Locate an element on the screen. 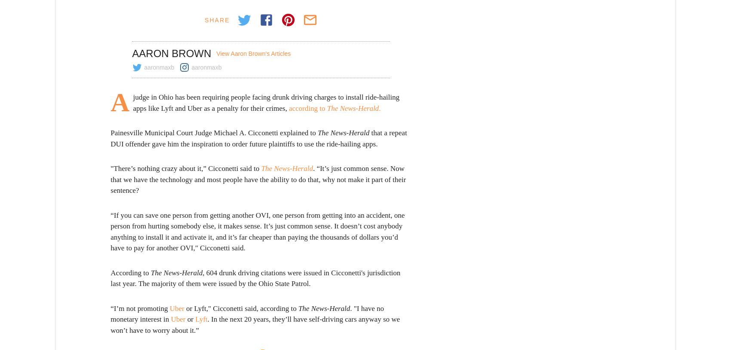 This screenshot has height=350, width=731. '"There’s nothing crazy about it,” Cicconetti said to' is located at coordinates (185, 168).